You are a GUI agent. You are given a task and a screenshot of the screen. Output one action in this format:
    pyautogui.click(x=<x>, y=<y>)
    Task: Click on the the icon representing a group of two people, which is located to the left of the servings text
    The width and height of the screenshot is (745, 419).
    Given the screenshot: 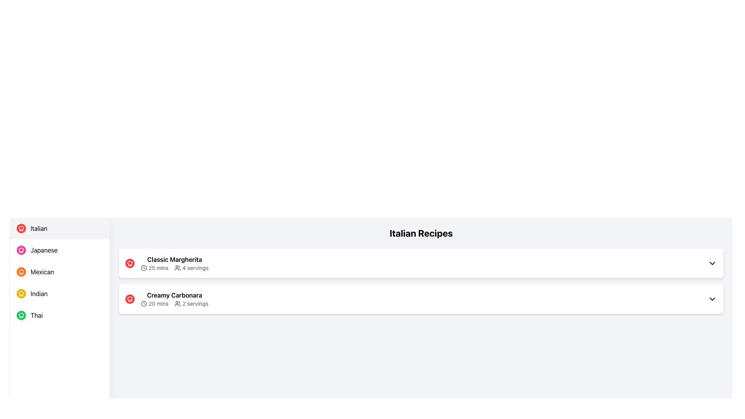 What is the action you would take?
    pyautogui.click(x=177, y=267)
    